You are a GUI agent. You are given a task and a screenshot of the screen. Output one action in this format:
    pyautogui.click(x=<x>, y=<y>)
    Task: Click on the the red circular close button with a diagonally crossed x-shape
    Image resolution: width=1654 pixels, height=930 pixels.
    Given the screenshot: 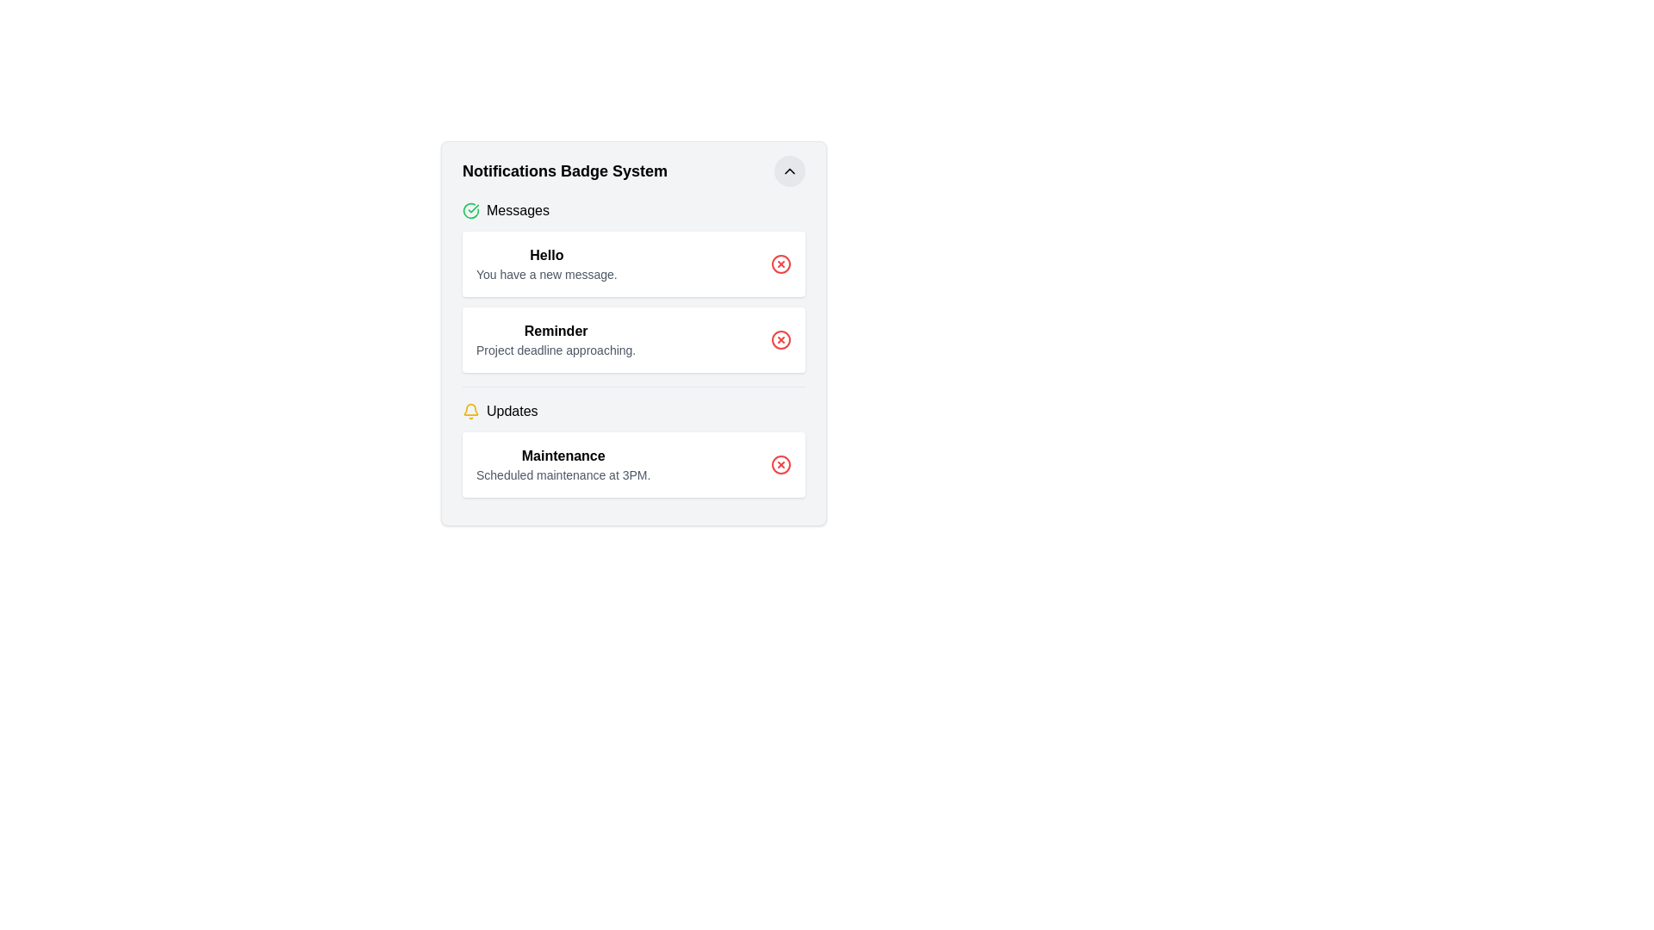 What is the action you would take?
    pyautogui.click(x=780, y=339)
    